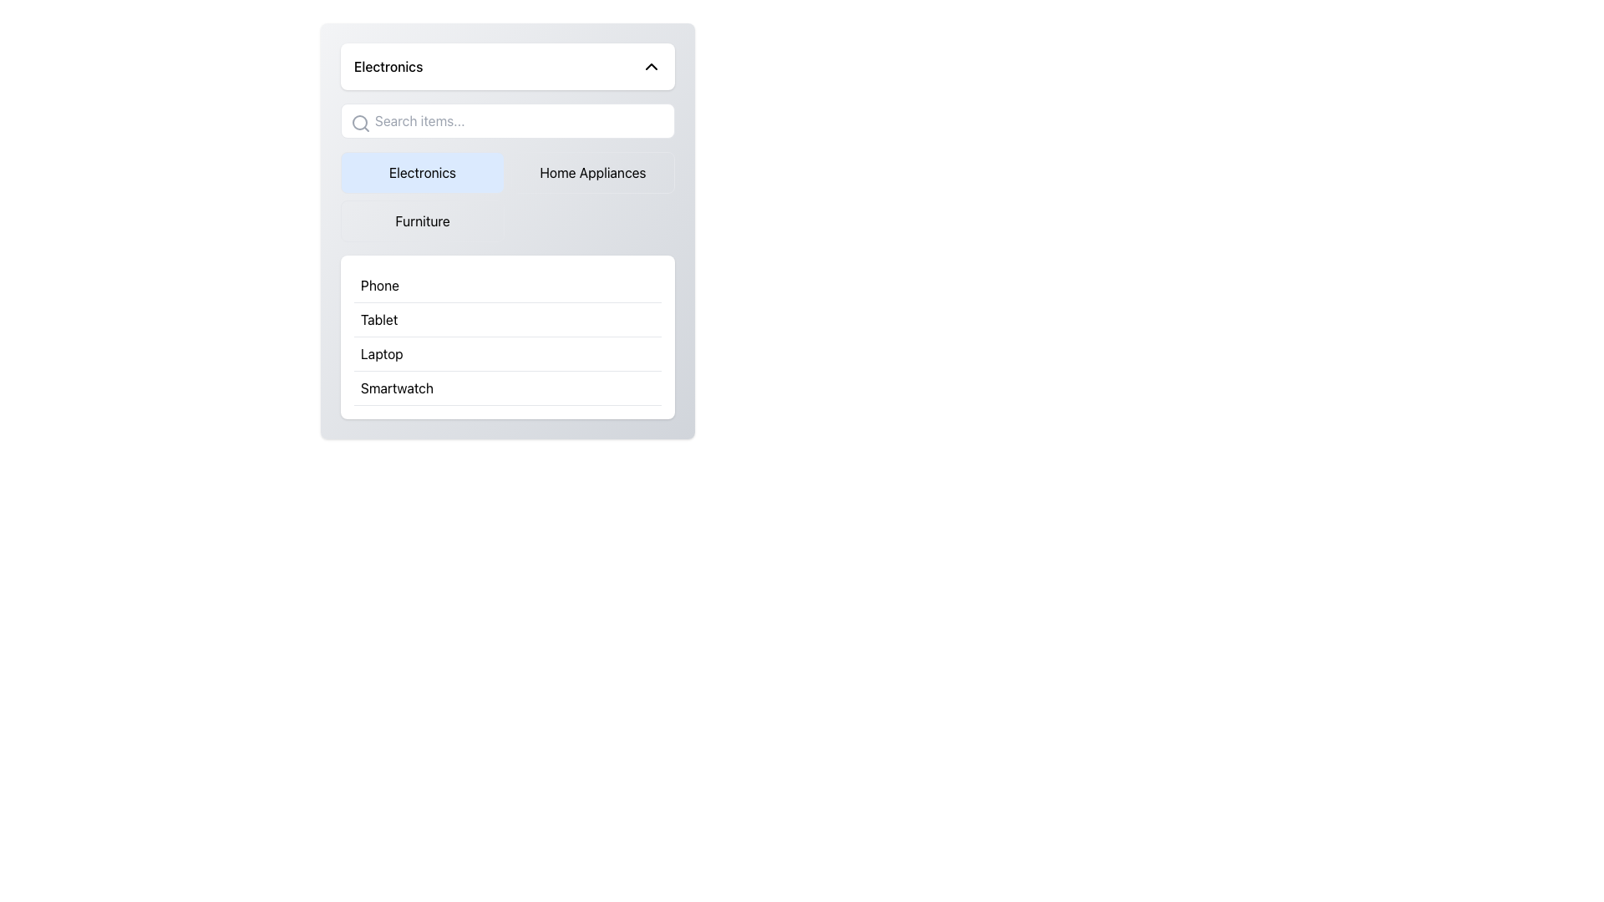  What do you see at coordinates (396, 388) in the screenshot?
I see `the 'Smartwatch' text label in the Electronics menu` at bounding box center [396, 388].